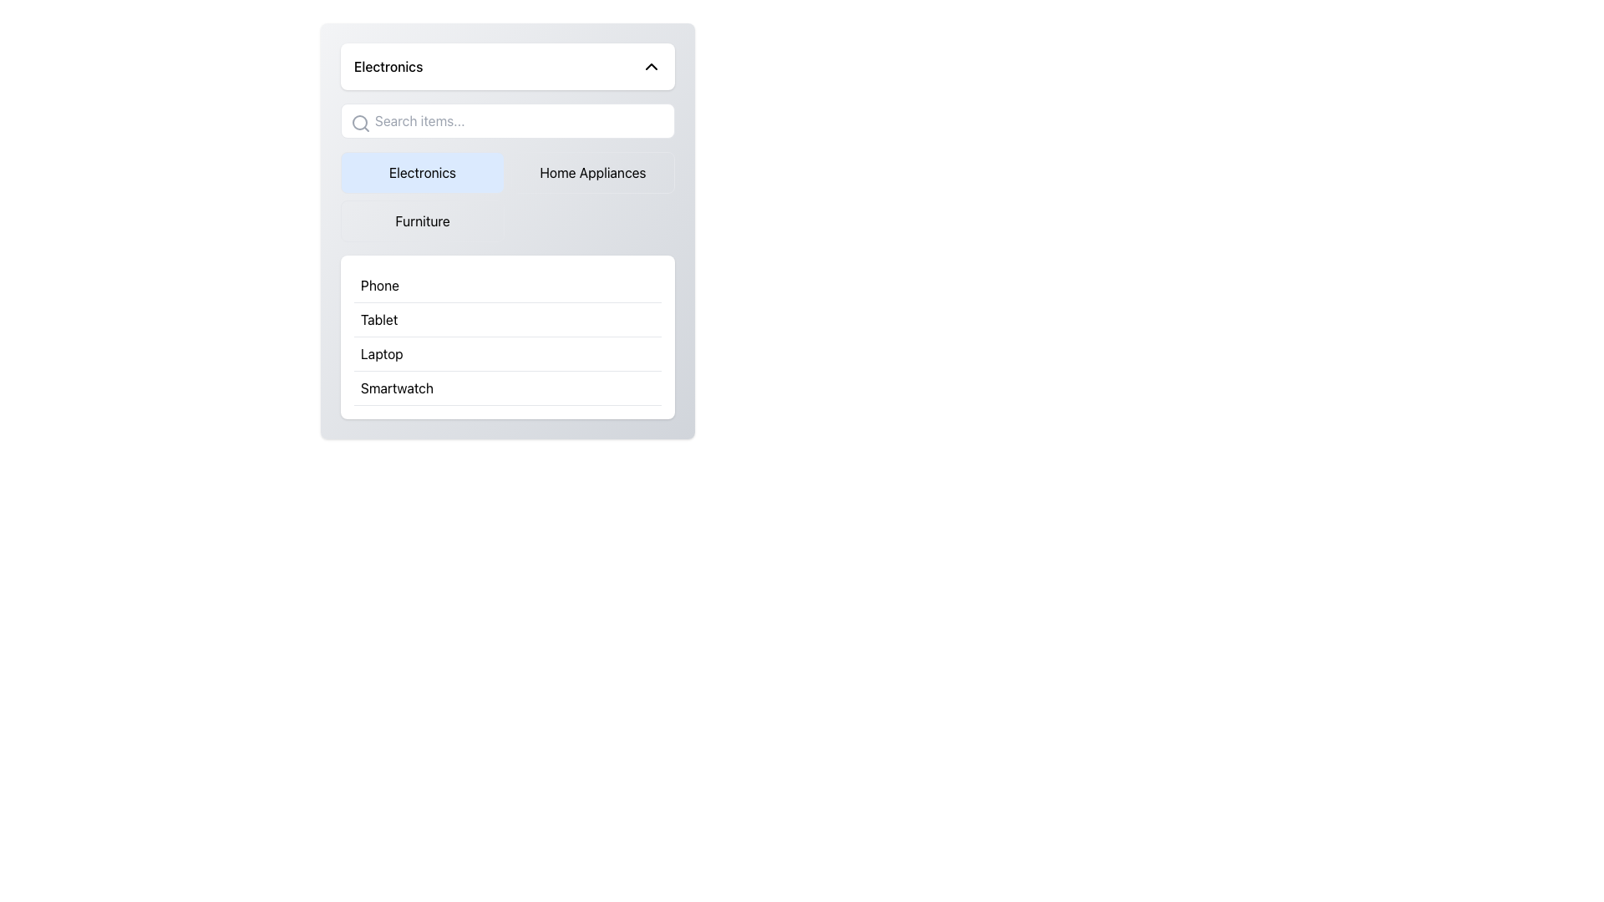  What do you see at coordinates (396, 388) in the screenshot?
I see `the 'Smartwatch' text label in the Electronics menu` at bounding box center [396, 388].